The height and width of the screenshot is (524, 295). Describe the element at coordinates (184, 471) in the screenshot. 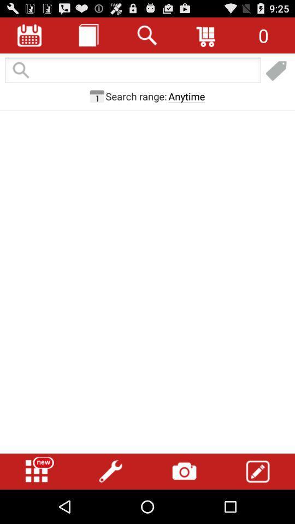

I see `access camara options` at that location.